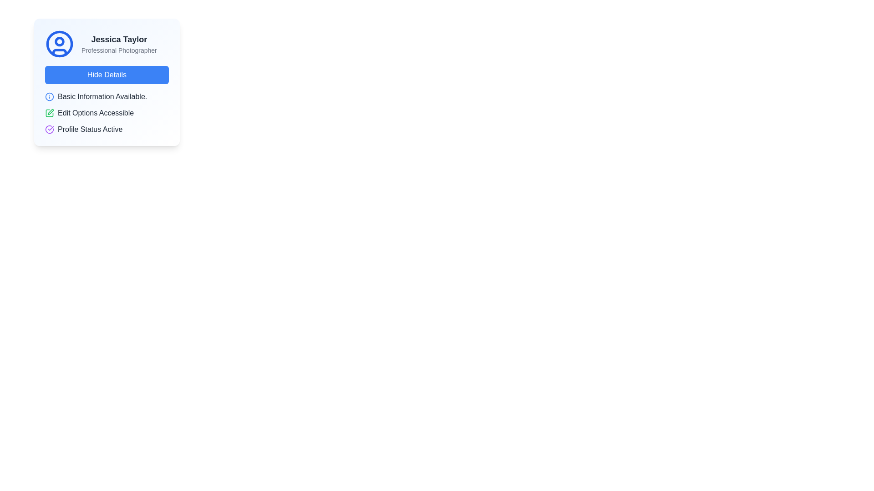  I want to click on the avatar icon representing the user's identity, located at the top left corner of the card layout, so click(59, 44).